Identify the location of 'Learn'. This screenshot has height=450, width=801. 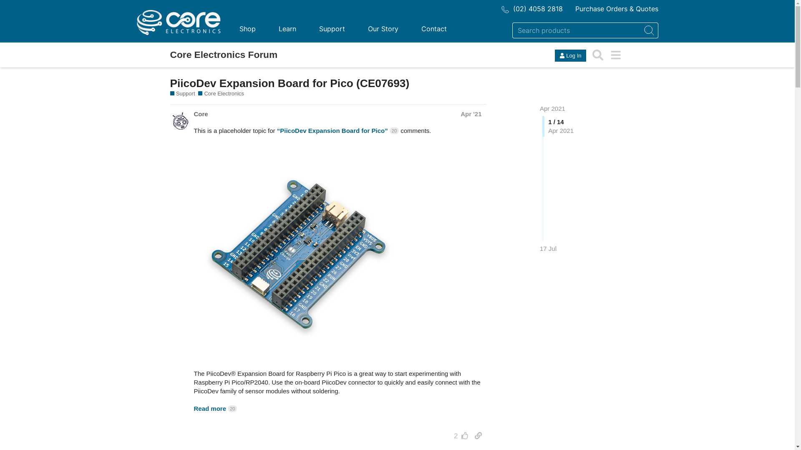
(287, 28).